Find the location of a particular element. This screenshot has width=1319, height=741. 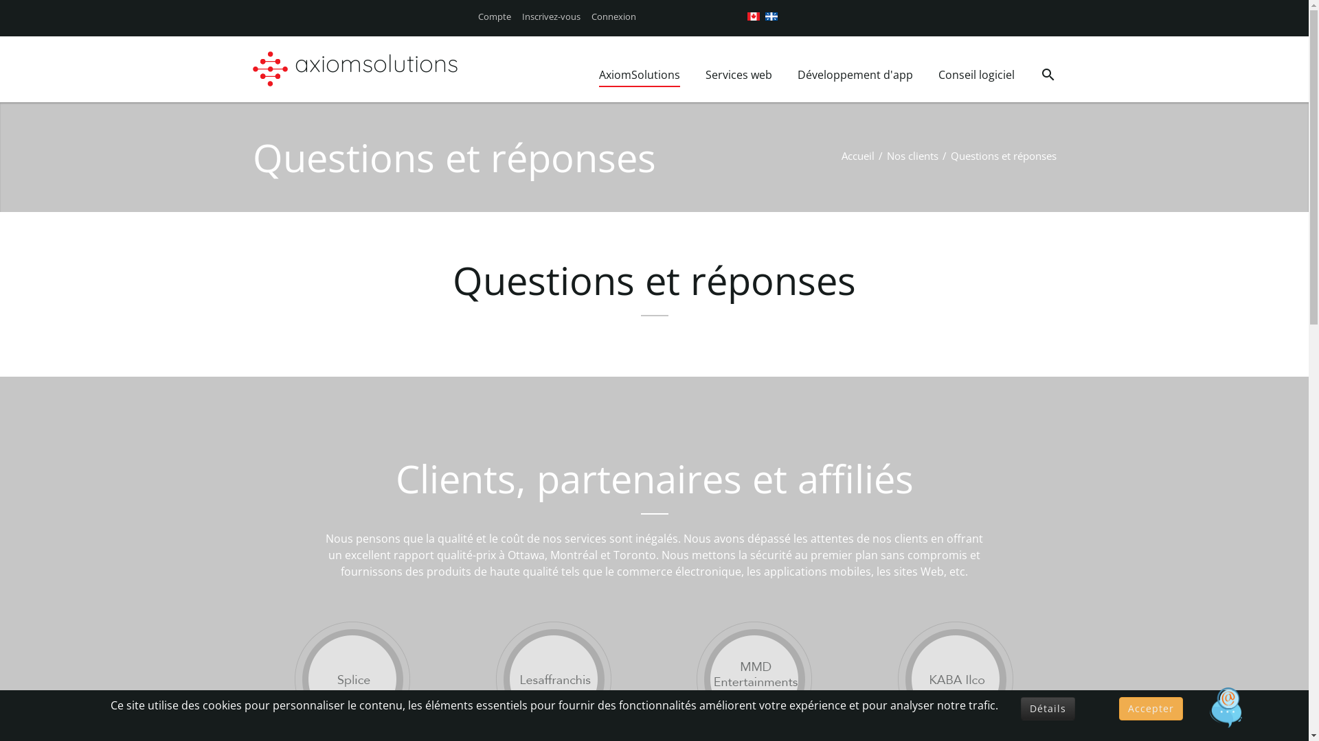

'Compte' is located at coordinates (495, 16).